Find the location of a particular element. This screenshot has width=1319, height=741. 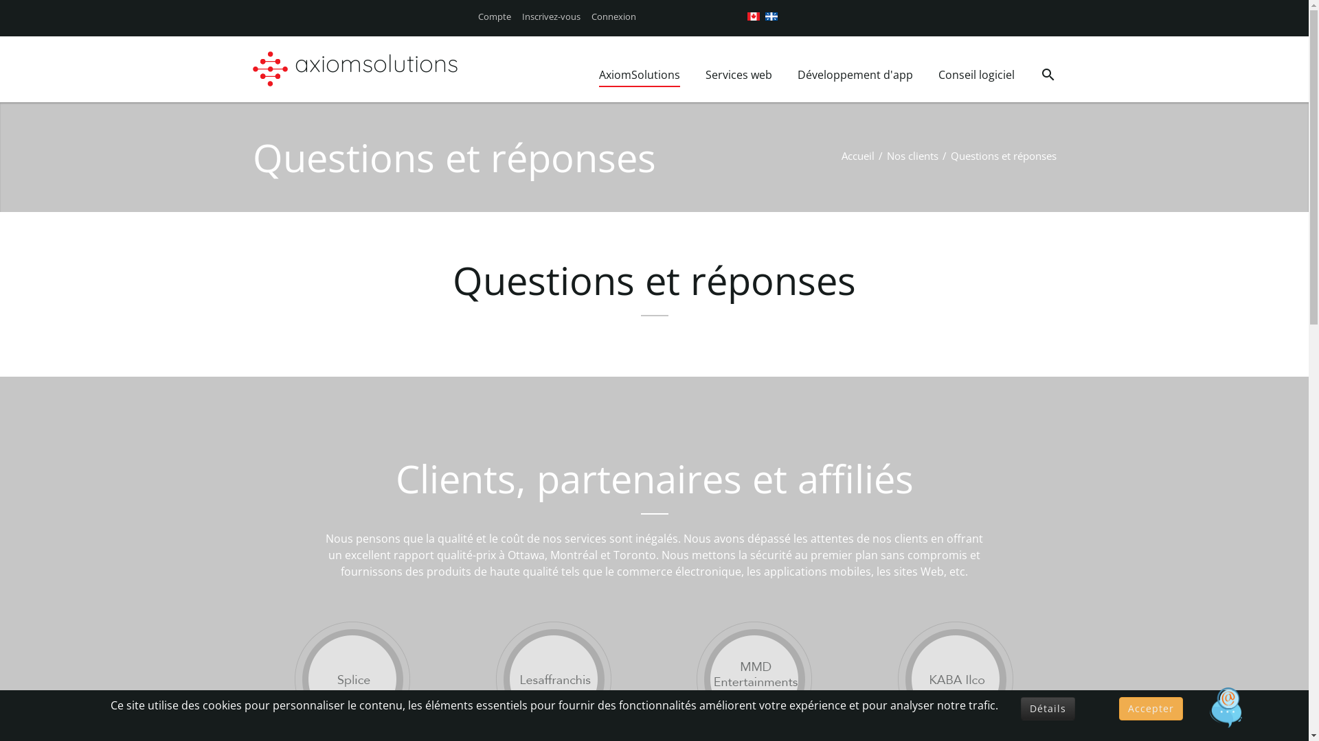

'Compte' is located at coordinates (495, 16).